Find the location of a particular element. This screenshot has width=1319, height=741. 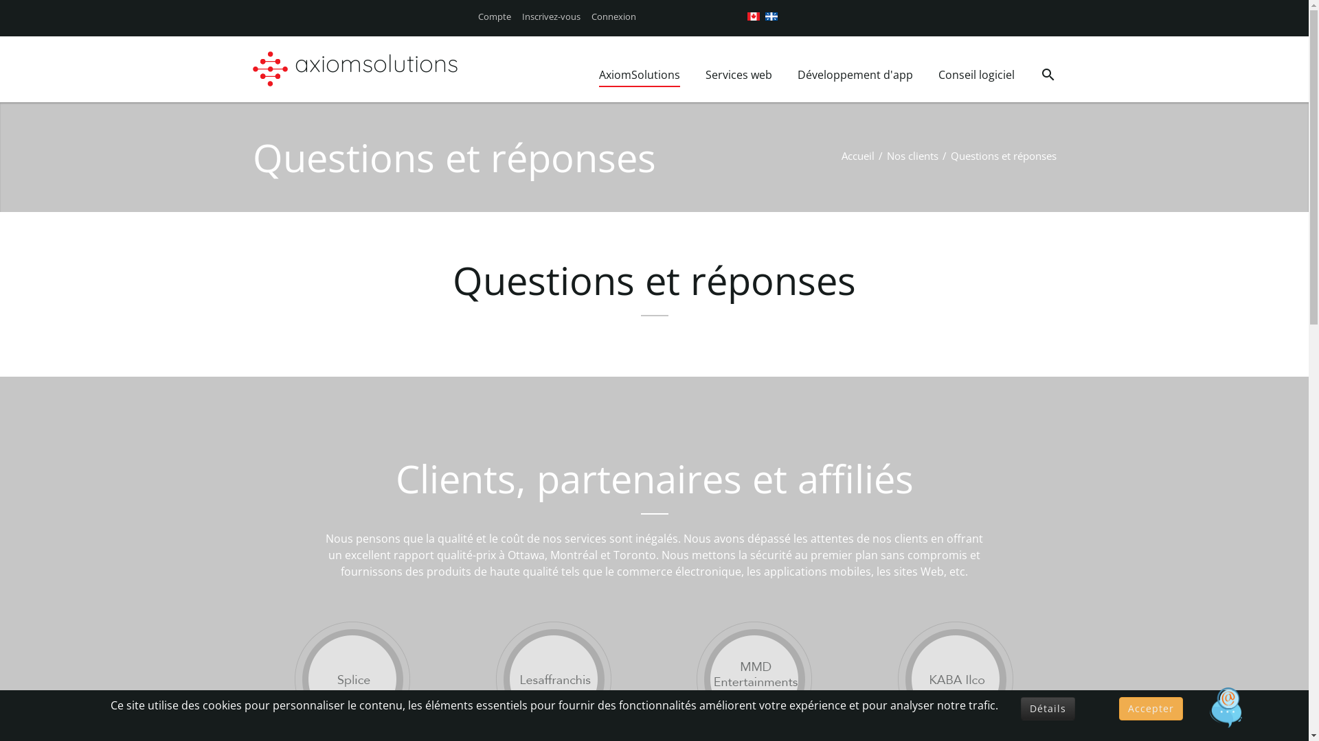

'Compte' is located at coordinates (495, 16).